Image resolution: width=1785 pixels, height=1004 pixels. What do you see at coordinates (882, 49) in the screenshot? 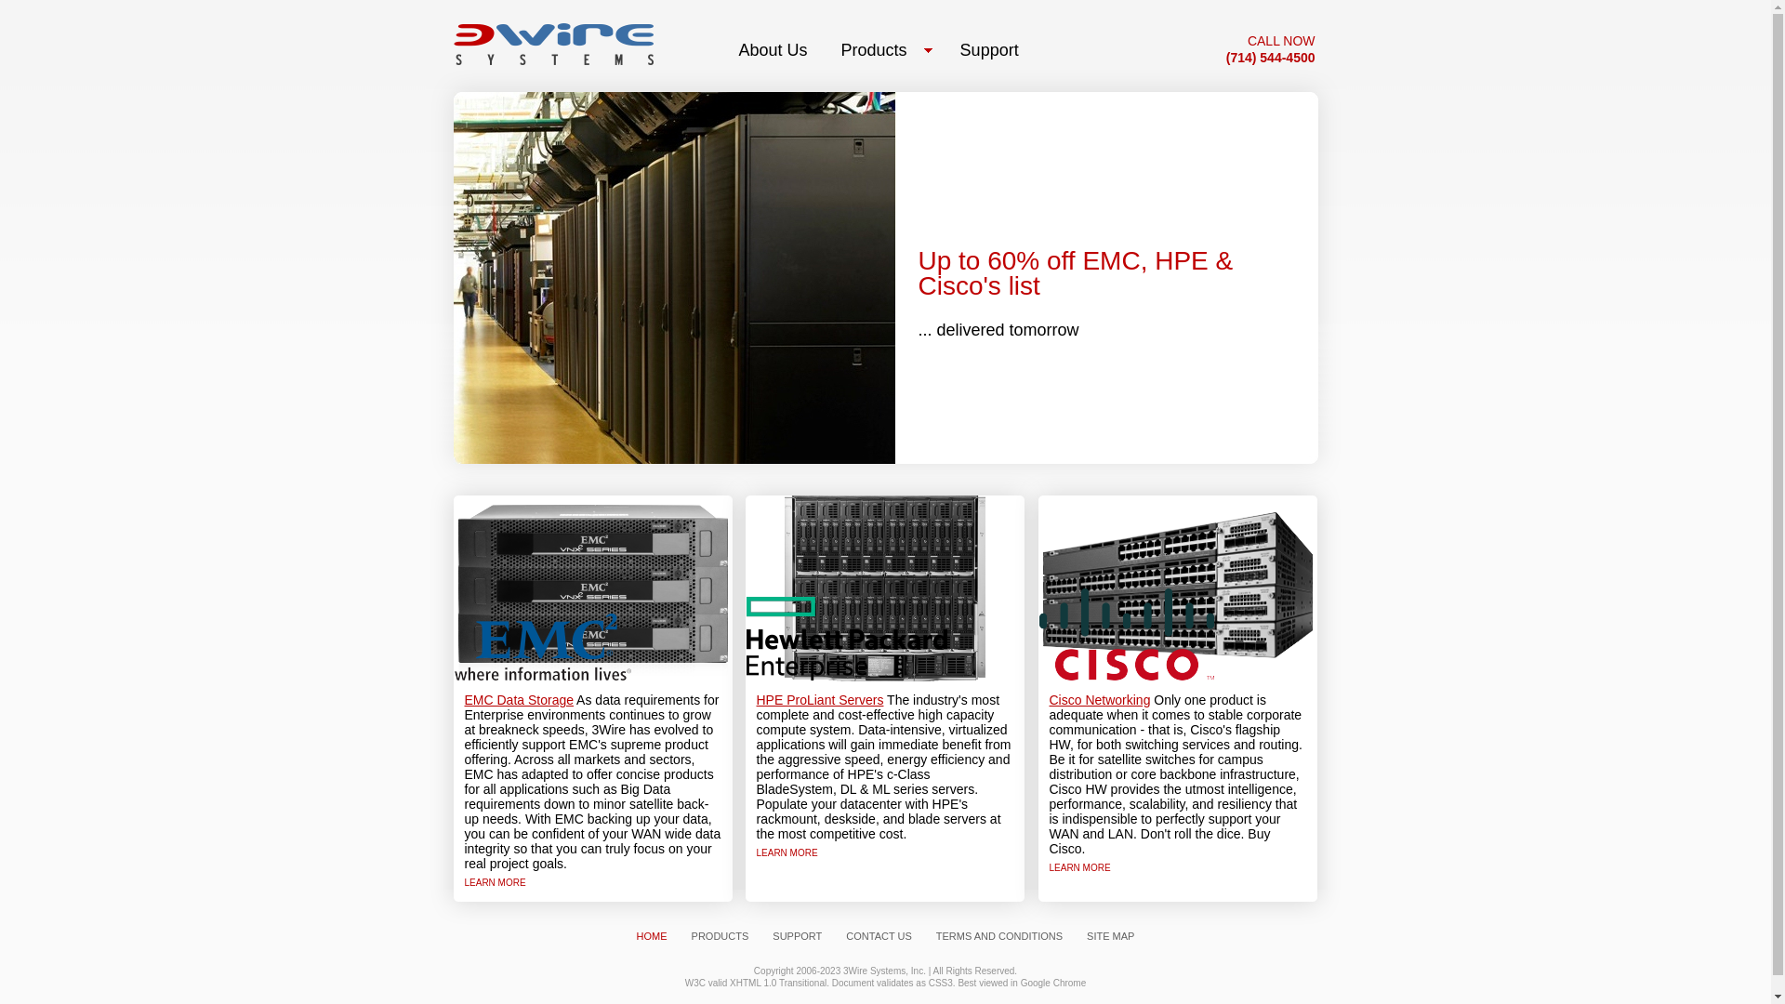
I see `' Products '` at bounding box center [882, 49].